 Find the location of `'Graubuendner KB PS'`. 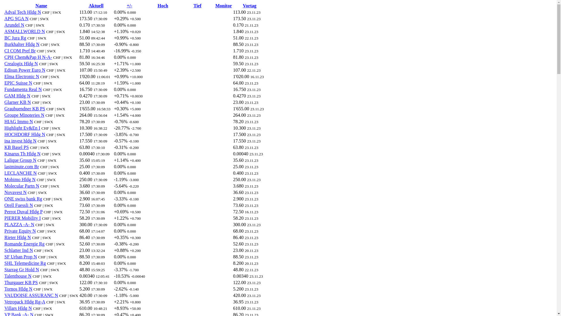

'Graubuendner KB PS' is located at coordinates (25, 109).